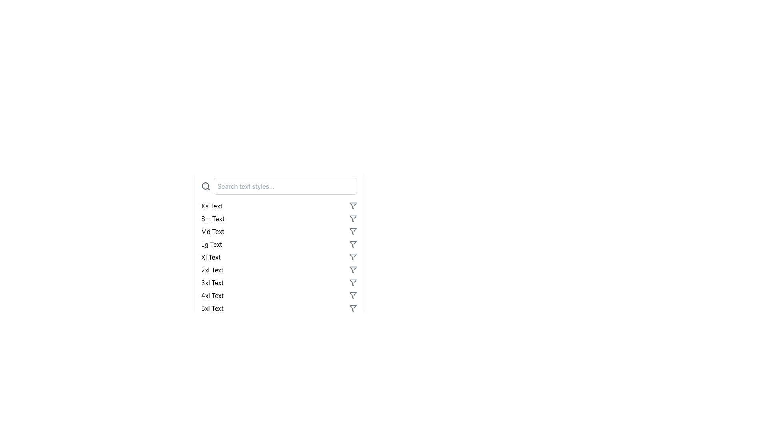  What do you see at coordinates (353, 257) in the screenshot?
I see `the triangular icon in the 5th position of the list of icons` at bounding box center [353, 257].